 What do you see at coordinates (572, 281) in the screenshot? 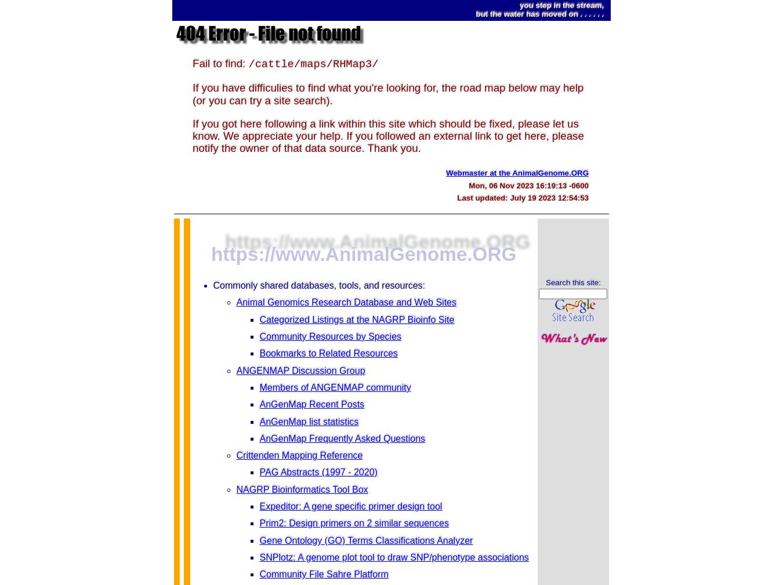
I see `'Search this site:'` at bounding box center [572, 281].